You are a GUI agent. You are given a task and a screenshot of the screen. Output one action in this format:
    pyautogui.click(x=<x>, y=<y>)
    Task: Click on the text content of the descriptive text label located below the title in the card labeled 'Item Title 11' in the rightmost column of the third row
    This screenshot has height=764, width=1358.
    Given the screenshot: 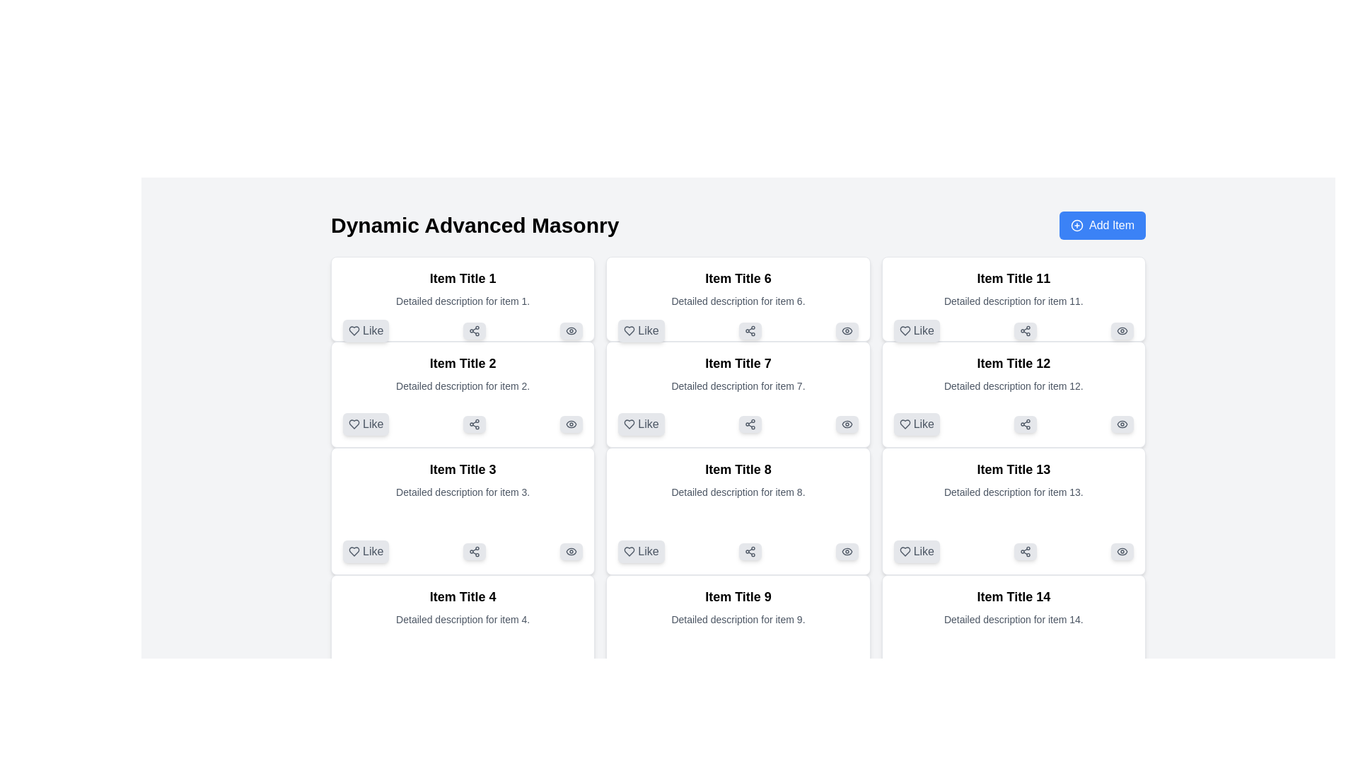 What is the action you would take?
    pyautogui.click(x=1013, y=300)
    